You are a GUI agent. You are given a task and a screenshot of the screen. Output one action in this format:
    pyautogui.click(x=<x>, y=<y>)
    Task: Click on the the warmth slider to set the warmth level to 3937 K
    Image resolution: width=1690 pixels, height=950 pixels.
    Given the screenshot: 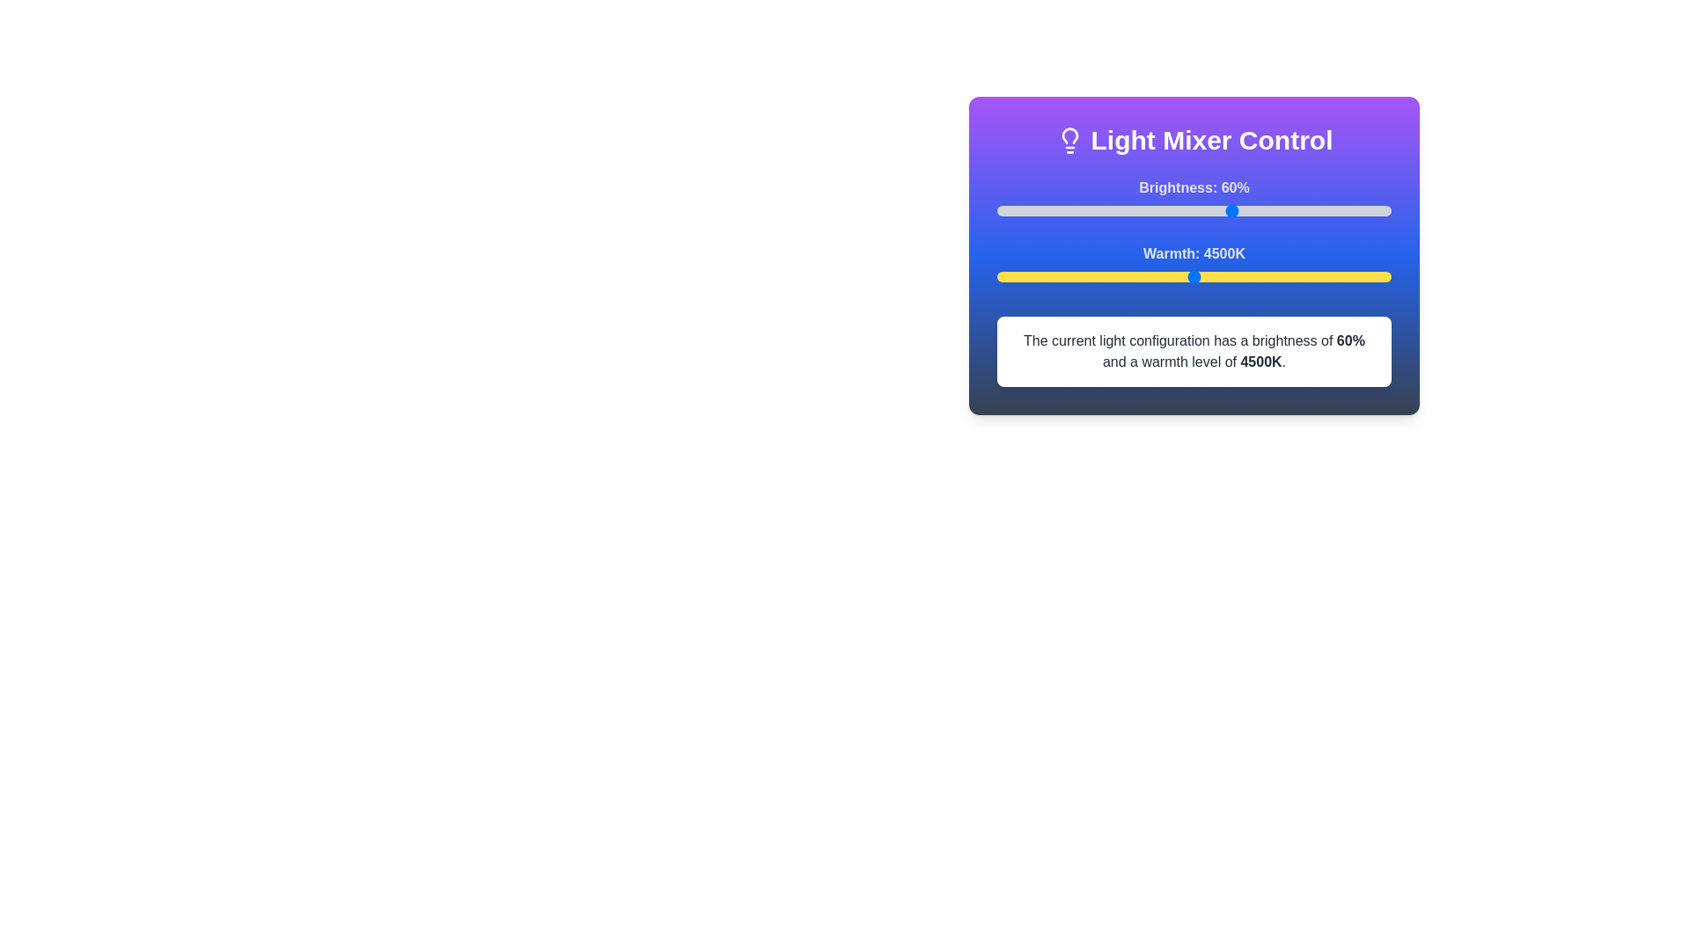 What is the action you would take?
    pyautogui.click(x=1150, y=277)
    